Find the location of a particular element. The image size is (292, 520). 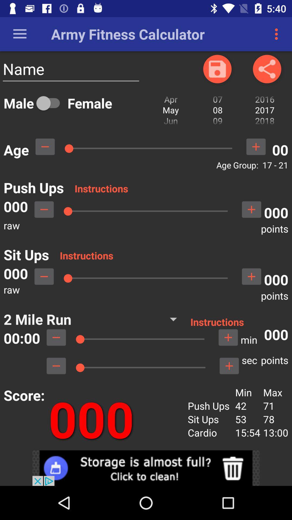

age is located at coordinates (255, 147).